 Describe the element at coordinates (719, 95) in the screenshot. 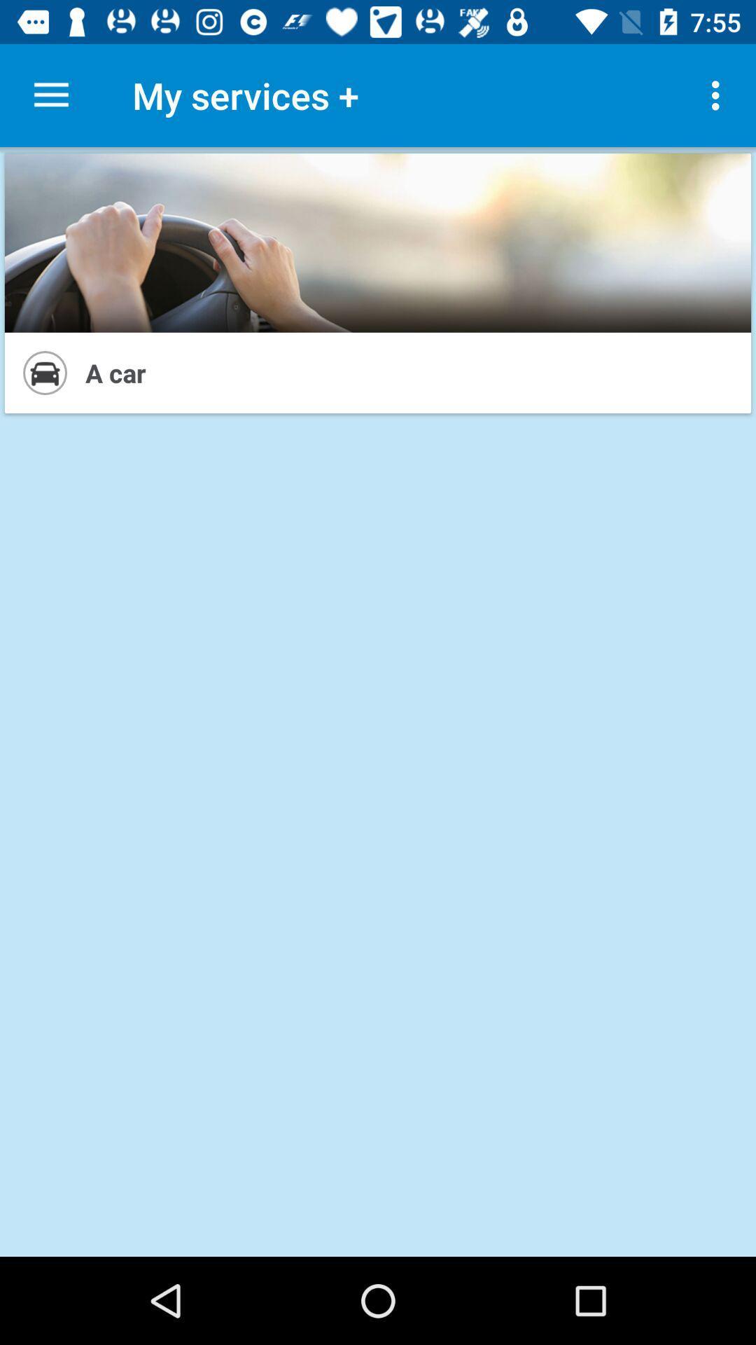

I see `item to the right of the my services + item` at that location.